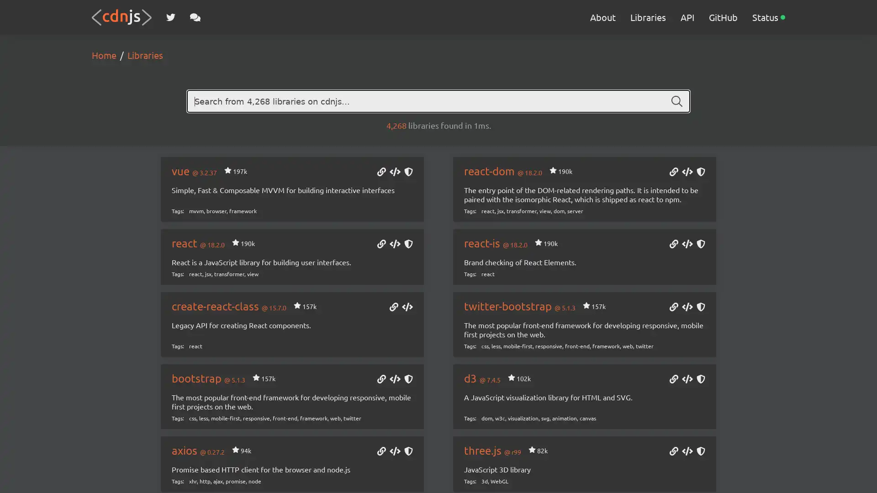 This screenshot has height=493, width=877. Describe the element at coordinates (673, 244) in the screenshot. I see `Copy URL` at that location.